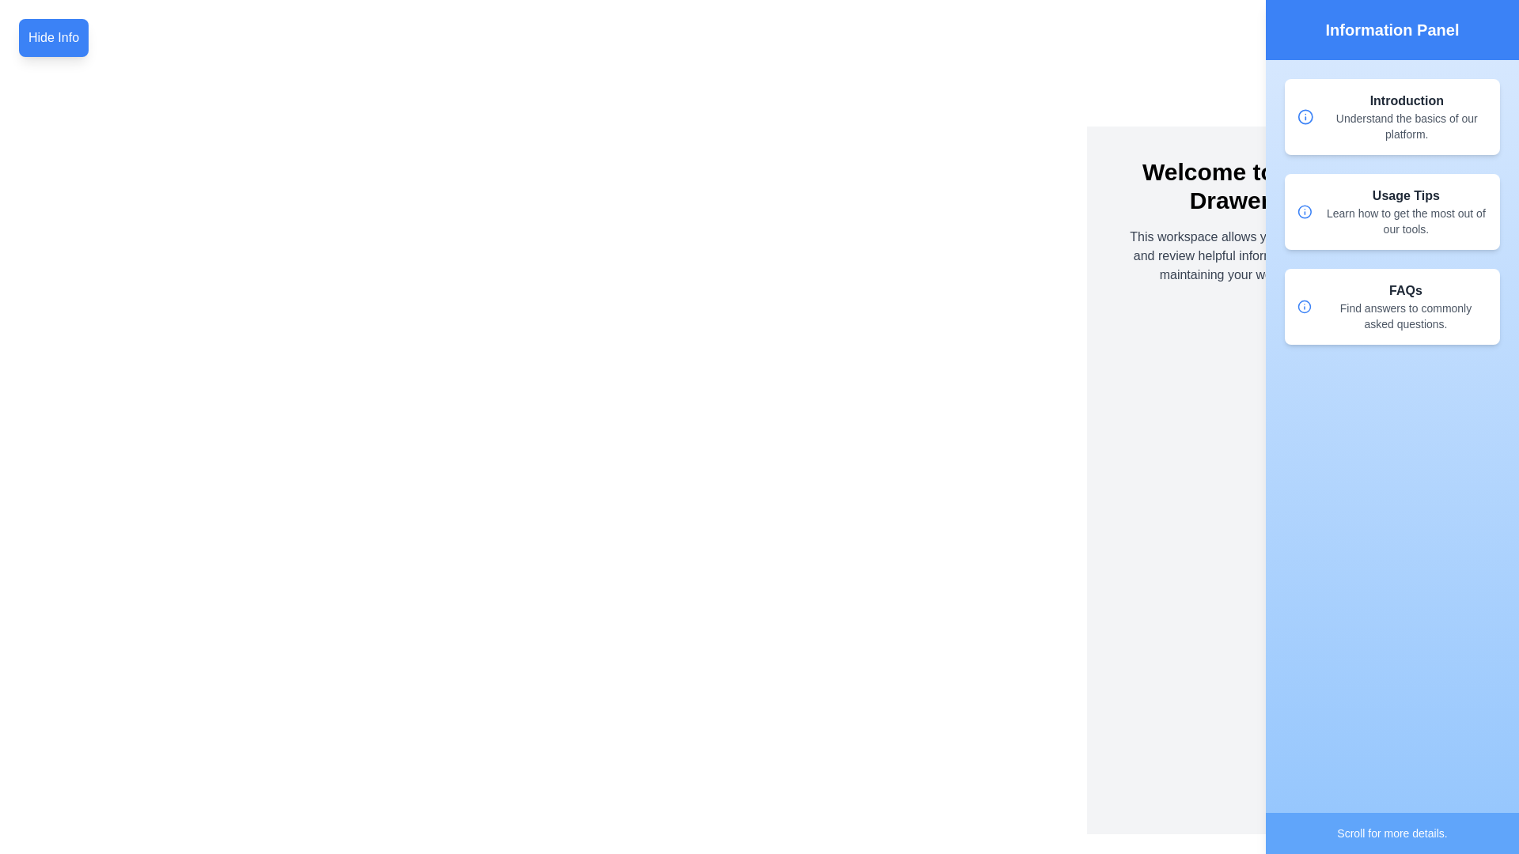 The height and width of the screenshot is (854, 1519). What do you see at coordinates (1305, 210) in the screenshot?
I see `the outermost circular component of the SVG icon in the blue 'Information Panel' section, which is positioned to the left of the 'Introduction' text label` at bounding box center [1305, 210].